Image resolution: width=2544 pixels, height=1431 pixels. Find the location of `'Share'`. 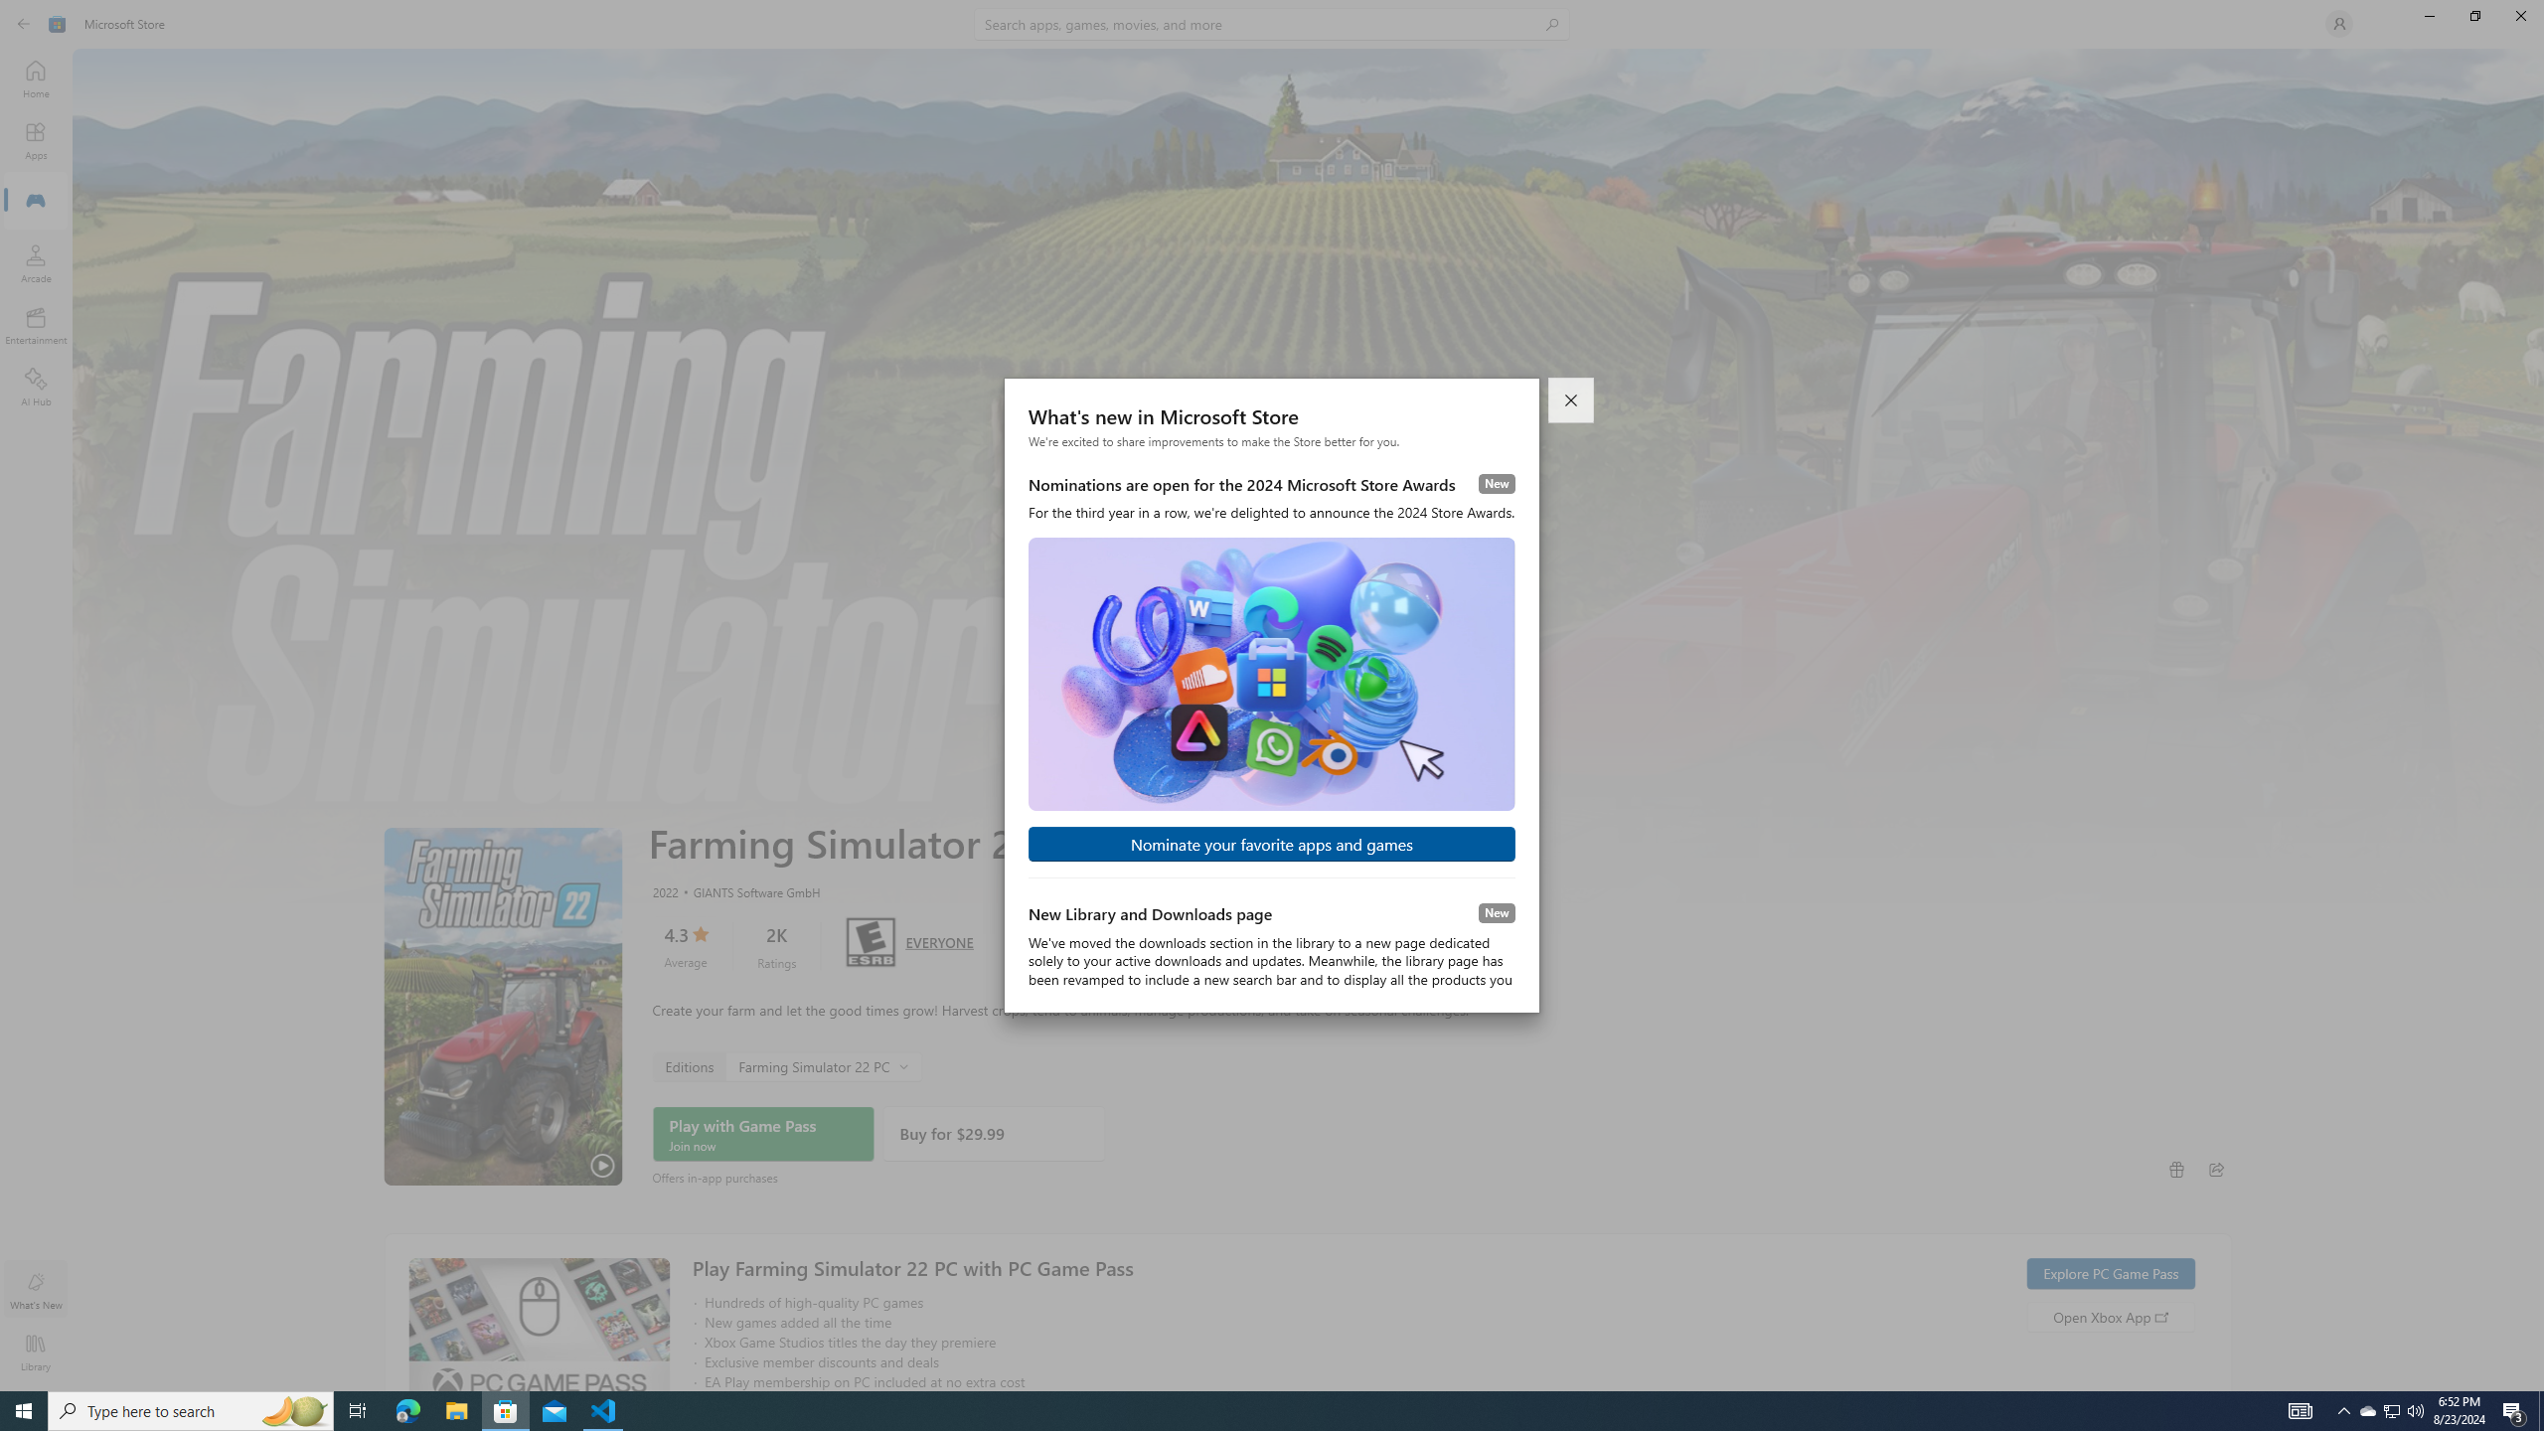

'Share' is located at coordinates (2215, 1168).